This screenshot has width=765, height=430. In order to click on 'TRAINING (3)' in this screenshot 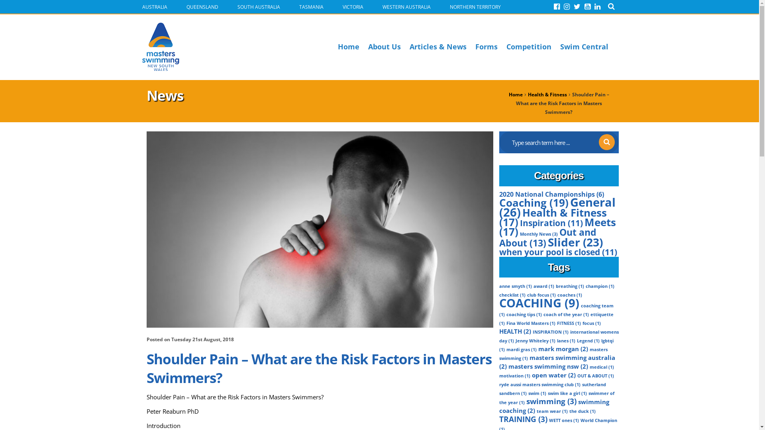, I will do `click(523, 418)`.